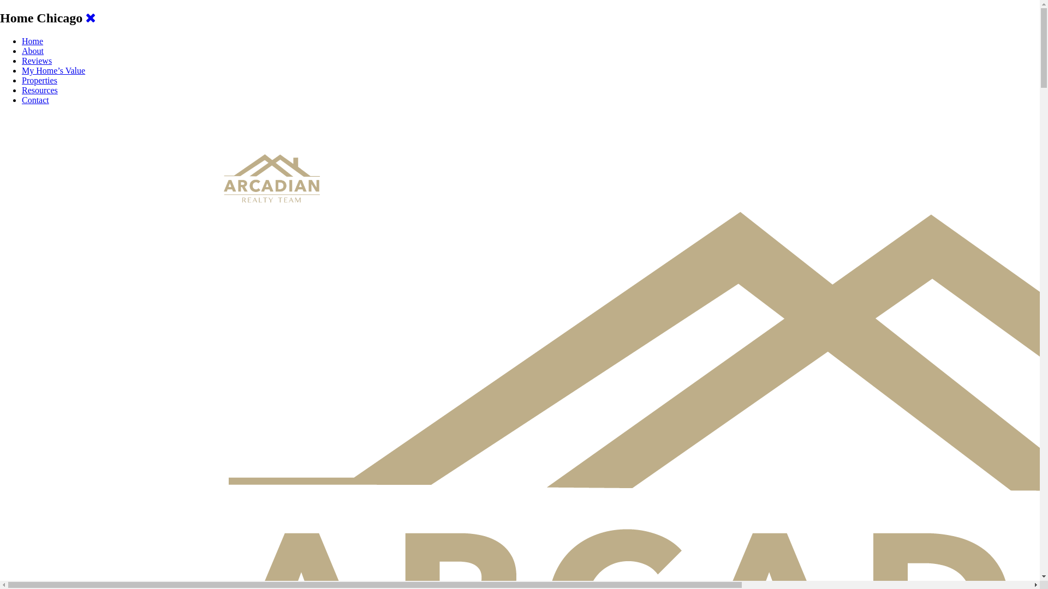 Image resolution: width=1048 pixels, height=589 pixels. What do you see at coordinates (32, 40) in the screenshot?
I see `'Home'` at bounding box center [32, 40].